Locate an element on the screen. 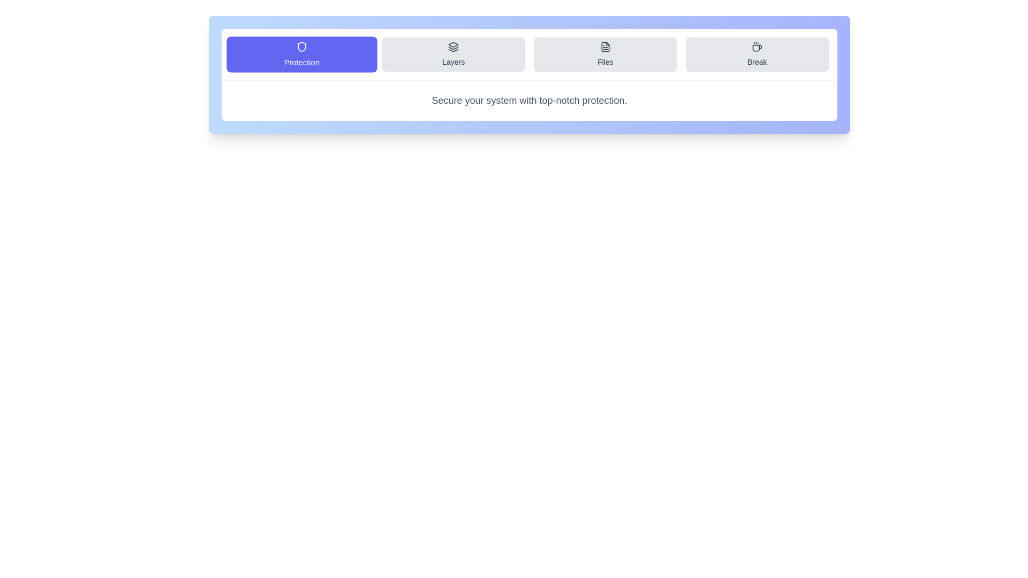 The height and width of the screenshot is (578, 1028). the tab labeled Files to switch to it is located at coordinates (605, 54).